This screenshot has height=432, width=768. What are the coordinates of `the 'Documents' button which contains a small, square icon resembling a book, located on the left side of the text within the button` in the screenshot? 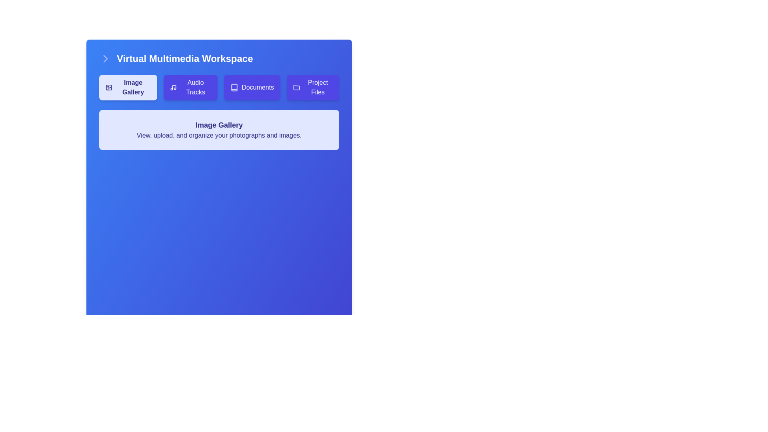 It's located at (234, 88).